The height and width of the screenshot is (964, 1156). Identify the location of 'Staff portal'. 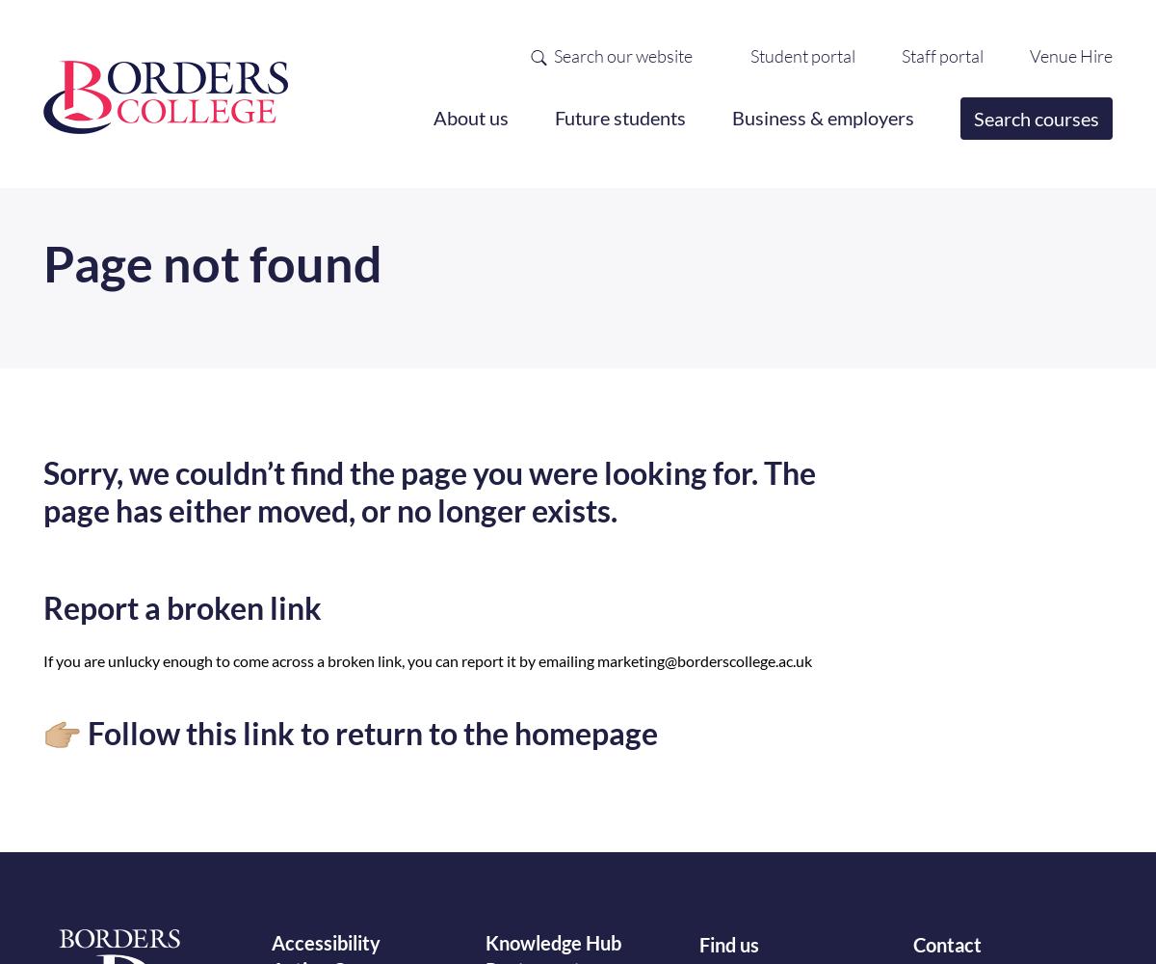
(902, 55).